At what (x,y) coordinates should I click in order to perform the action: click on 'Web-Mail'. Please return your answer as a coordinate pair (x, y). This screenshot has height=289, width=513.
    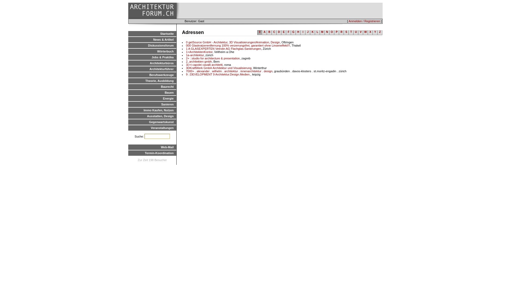
    Looking at the image, I should click on (152, 147).